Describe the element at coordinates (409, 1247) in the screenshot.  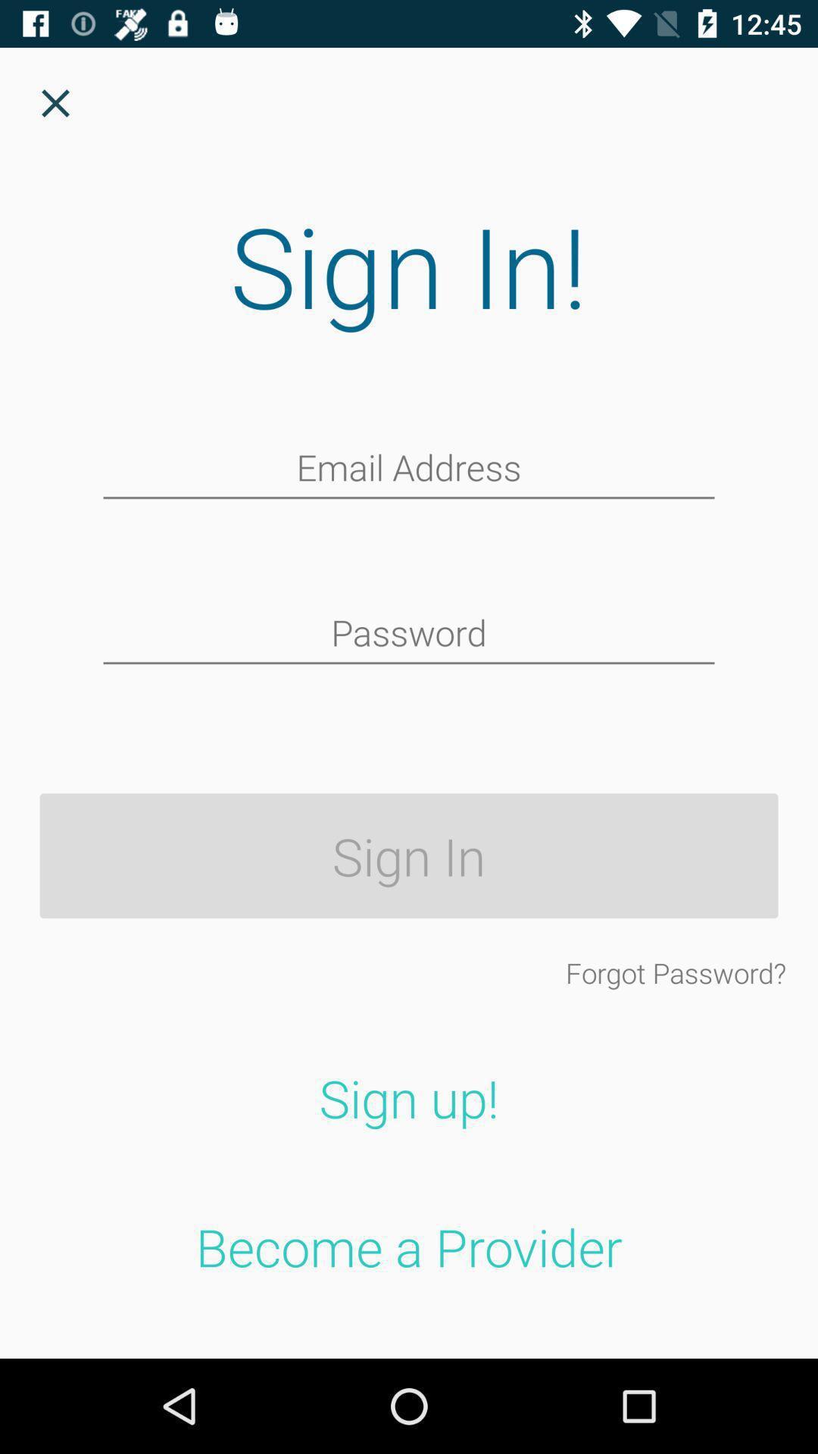
I see `the icon below the sign up!` at that location.